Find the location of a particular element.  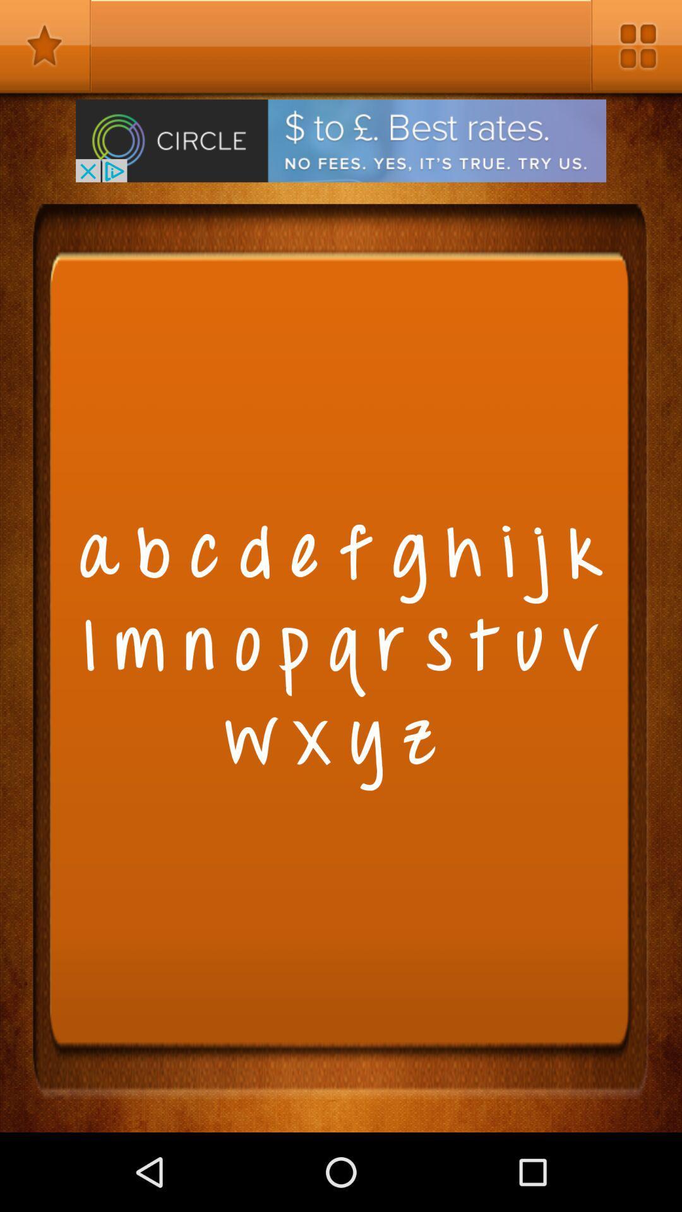

to advertisement box is located at coordinates (341, 141).